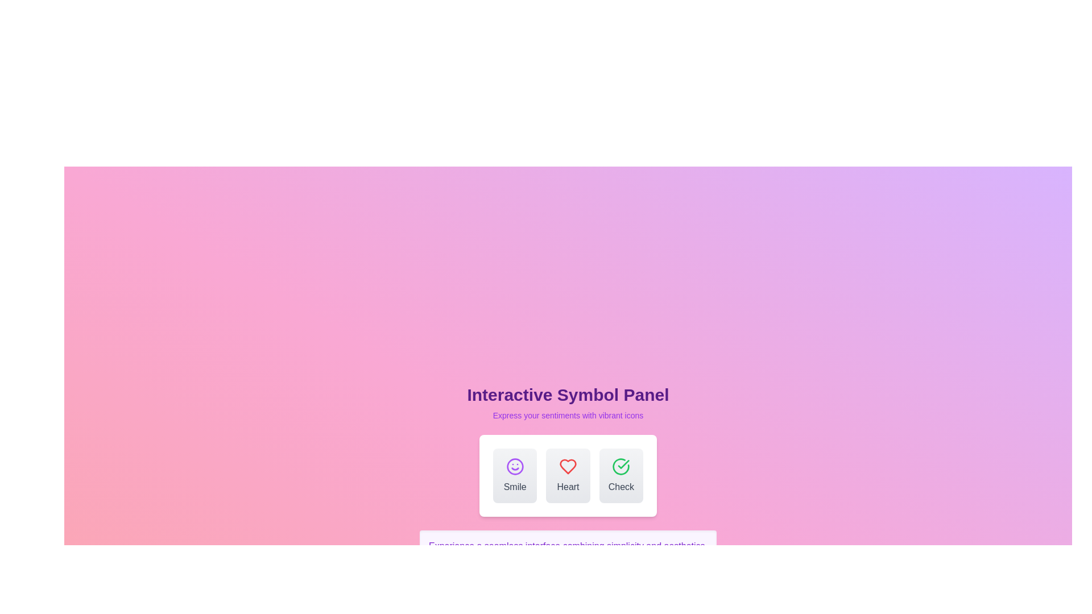  What do you see at coordinates (568, 476) in the screenshot?
I see `the 'Heart' interactive card, which is the second card in a row of three` at bounding box center [568, 476].